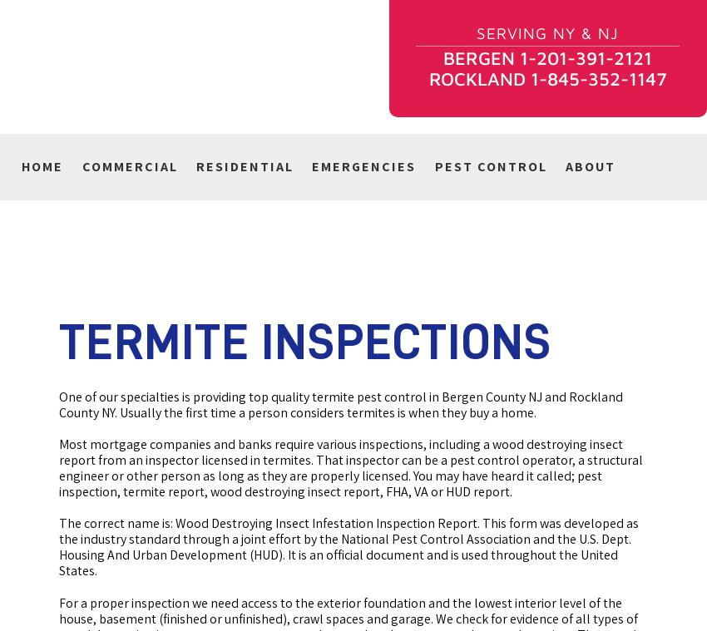 The image size is (707, 631). Describe the element at coordinates (547, 32) in the screenshot. I see `'Serving NY & NJ'` at that location.